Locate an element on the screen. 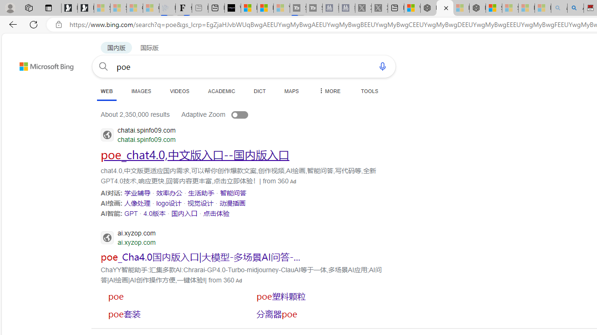 The height and width of the screenshot is (335, 597). 'Nordace - Summer Adventures 2024' is located at coordinates (428, 8).